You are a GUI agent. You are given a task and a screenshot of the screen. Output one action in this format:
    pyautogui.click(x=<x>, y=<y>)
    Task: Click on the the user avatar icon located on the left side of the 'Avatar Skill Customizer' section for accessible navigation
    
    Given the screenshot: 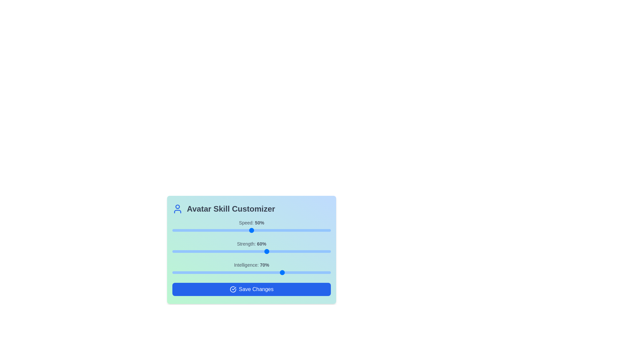 What is the action you would take?
    pyautogui.click(x=177, y=209)
    